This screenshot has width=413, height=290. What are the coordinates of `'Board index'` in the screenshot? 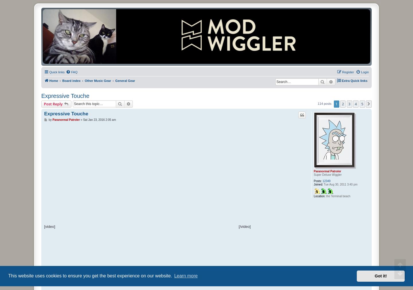 It's located at (71, 80).